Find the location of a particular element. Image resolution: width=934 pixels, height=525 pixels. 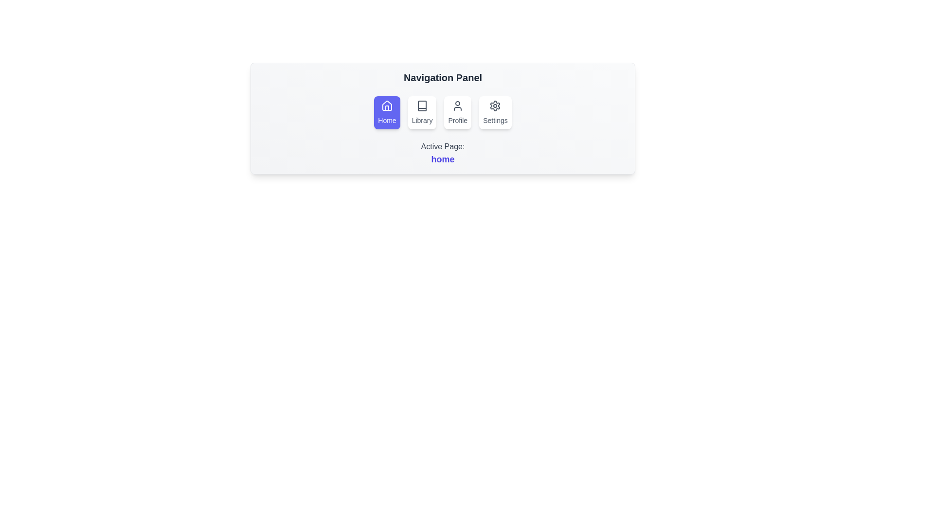

the 'Navigation Panel' text label, which is a prominent header in bold dark gray at the top of its section is located at coordinates (442, 77).